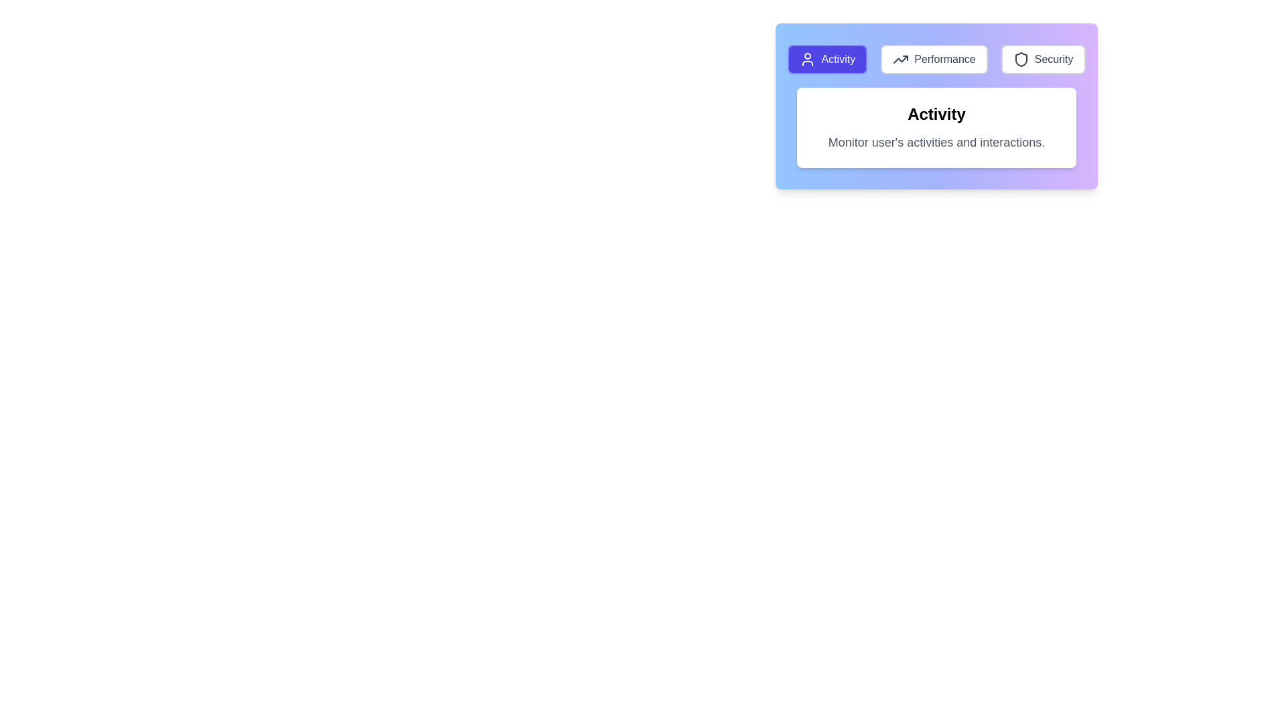 This screenshot has width=1286, height=723. I want to click on the 'Performance' navigation button, so click(936, 58).